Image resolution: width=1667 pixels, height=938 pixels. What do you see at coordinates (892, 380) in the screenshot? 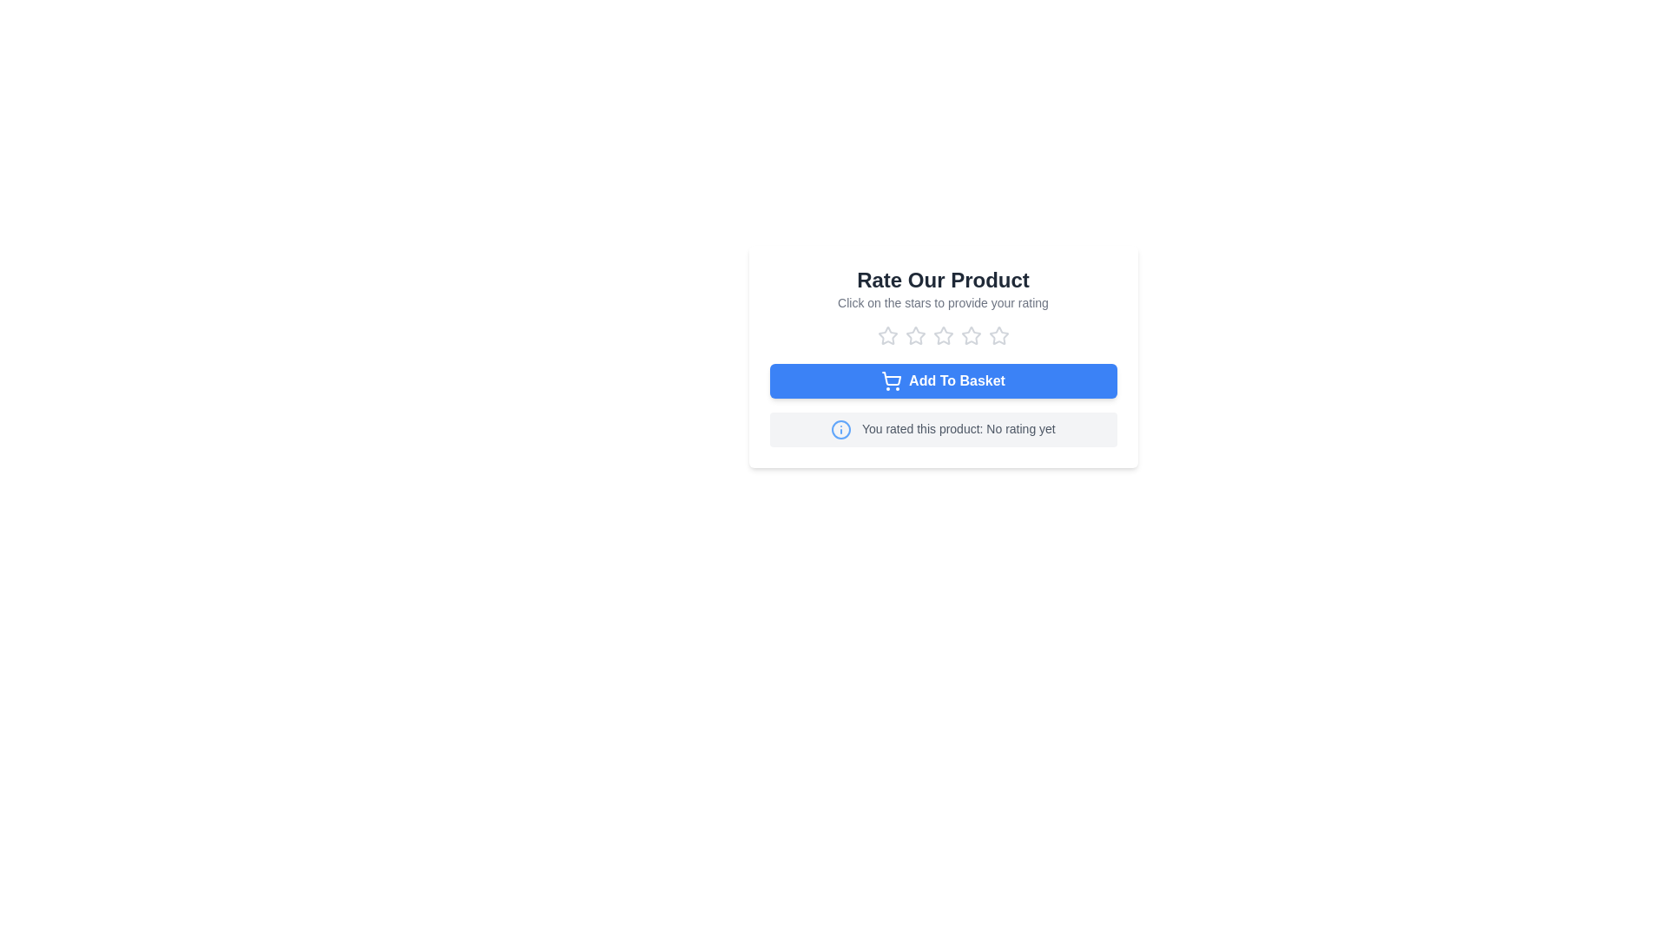
I see `the shopping cart icon that is centered within the 'Add To Basket' button, located below the 'Rate Our Product' heading and the star rating component` at bounding box center [892, 380].